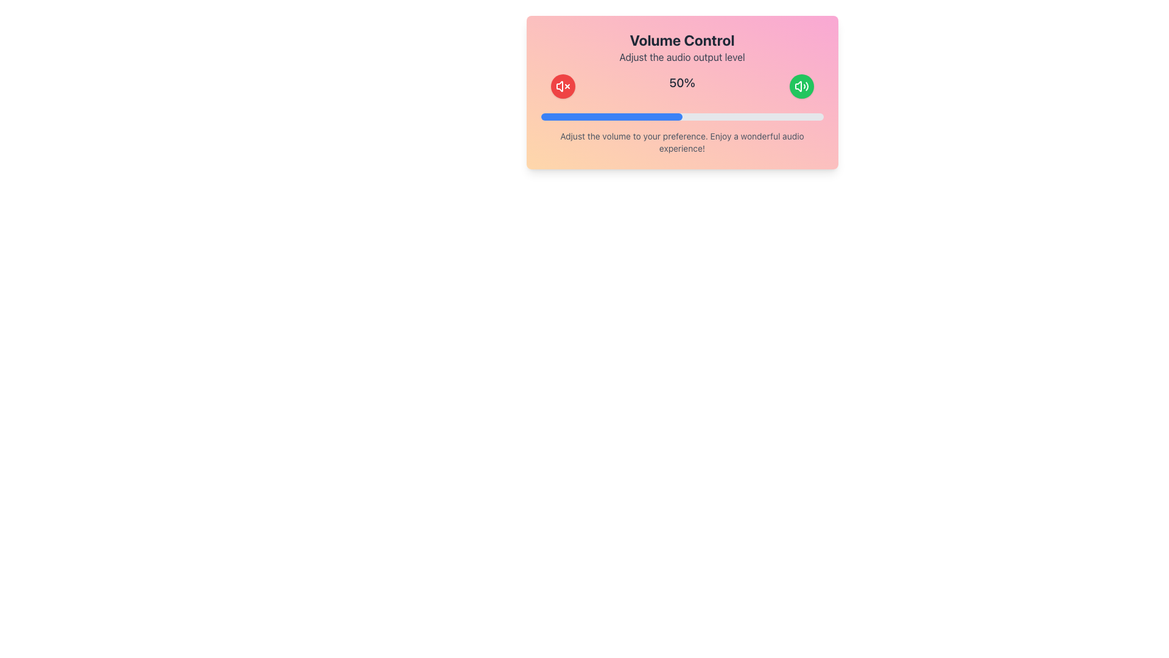 The width and height of the screenshot is (1169, 658). Describe the element at coordinates (633, 117) in the screenshot. I see `the volume` at that location.